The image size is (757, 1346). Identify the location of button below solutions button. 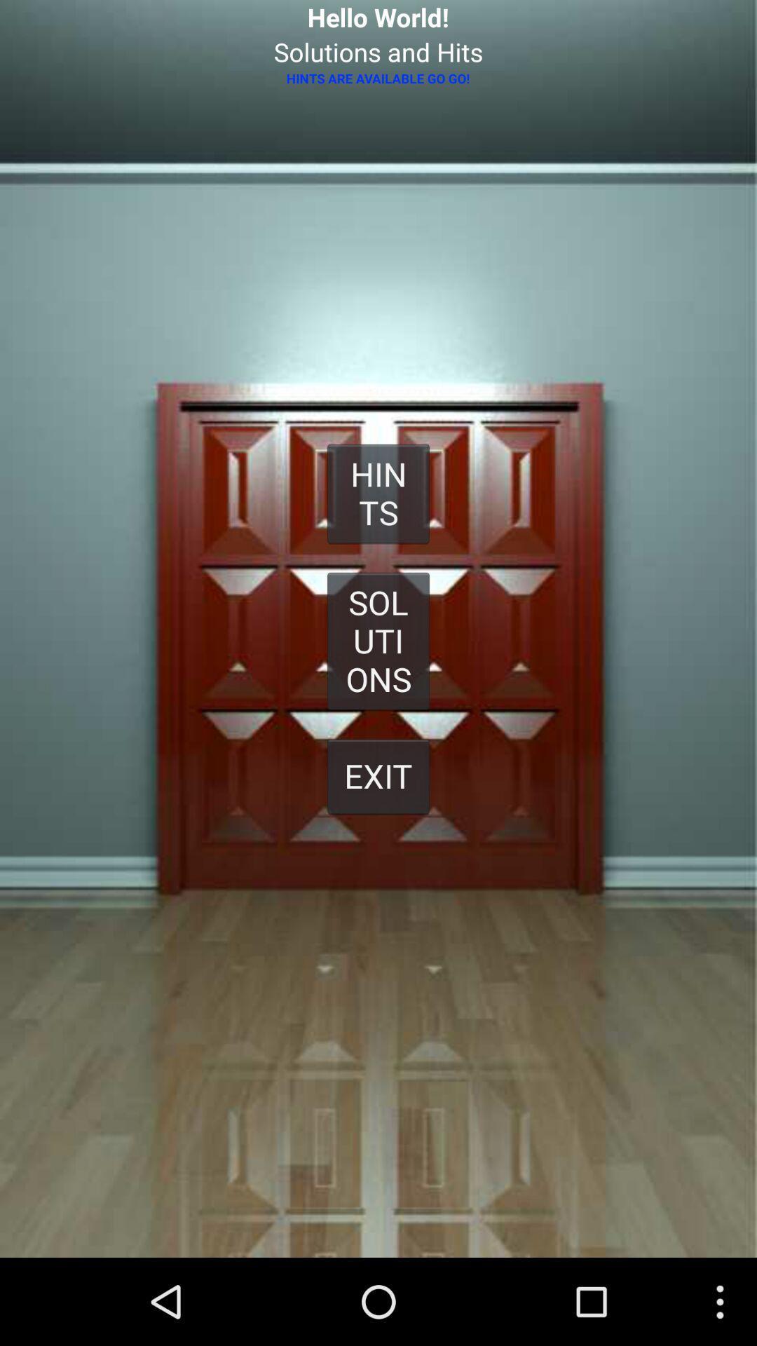
(378, 775).